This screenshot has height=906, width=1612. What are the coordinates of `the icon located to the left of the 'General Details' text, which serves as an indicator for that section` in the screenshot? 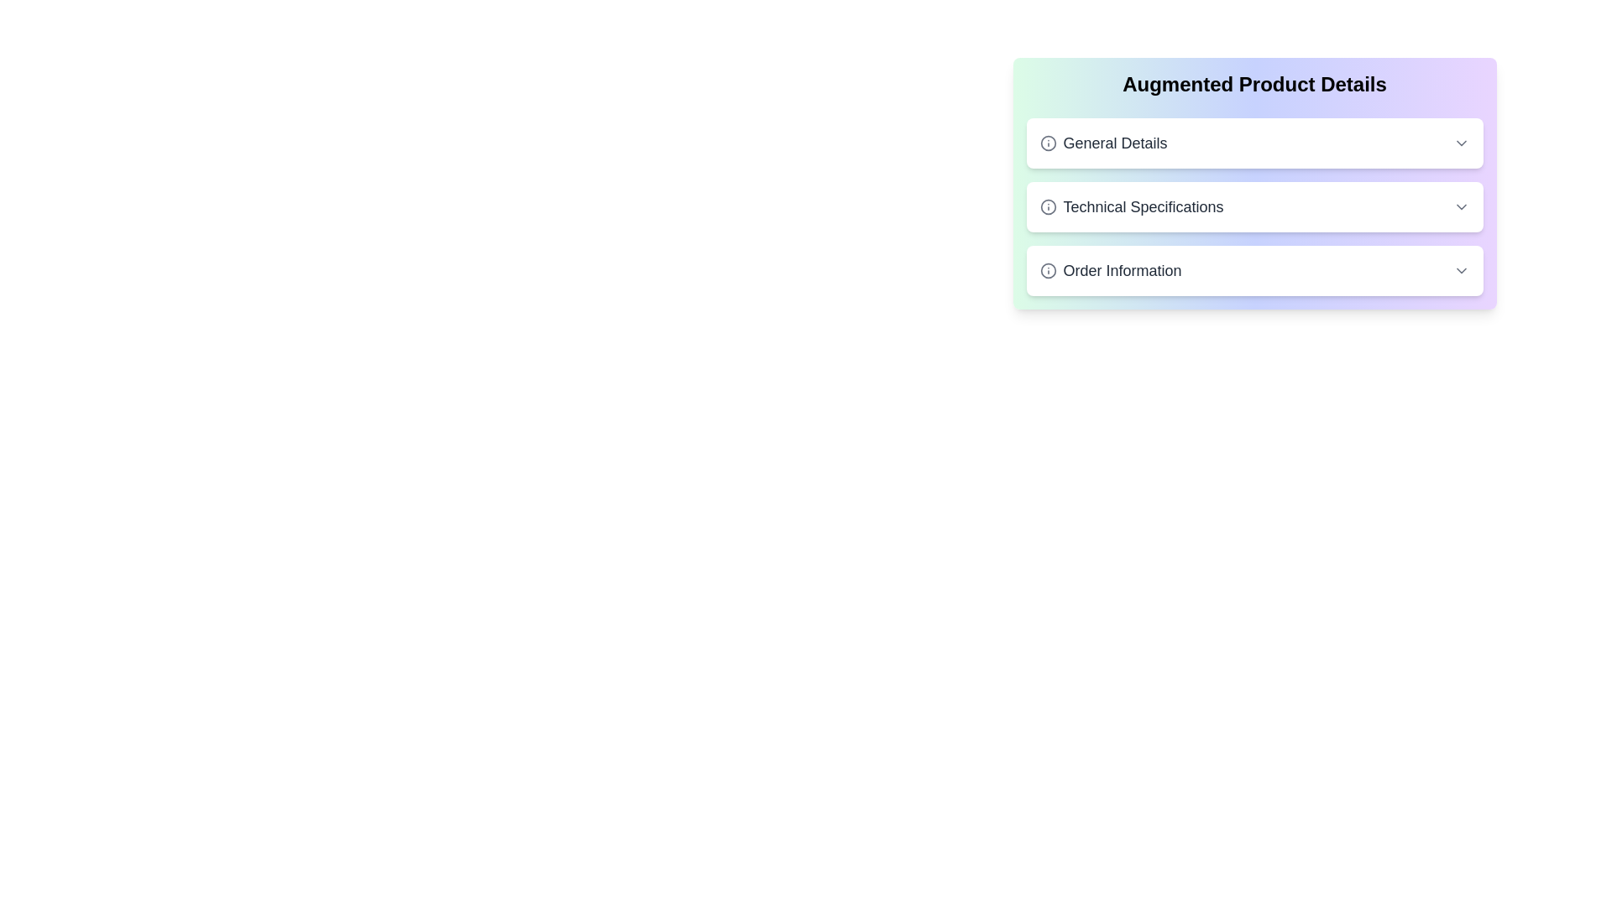 It's located at (1047, 142).